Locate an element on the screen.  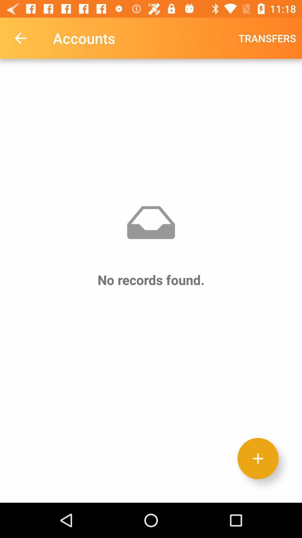
transfers is located at coordinates (267, 38).